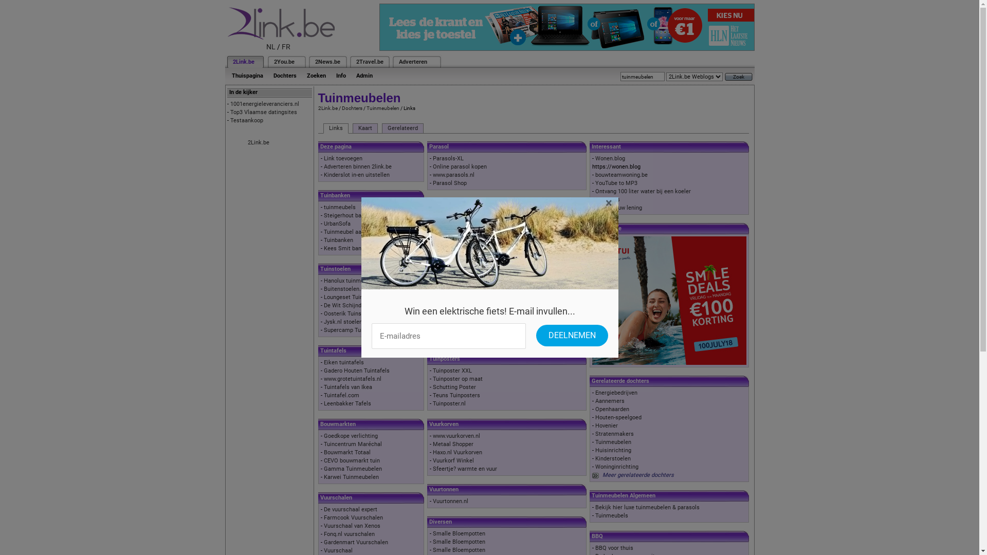  I want to click on 'Haxo.nl Vuurkorven', so click(456, 452).